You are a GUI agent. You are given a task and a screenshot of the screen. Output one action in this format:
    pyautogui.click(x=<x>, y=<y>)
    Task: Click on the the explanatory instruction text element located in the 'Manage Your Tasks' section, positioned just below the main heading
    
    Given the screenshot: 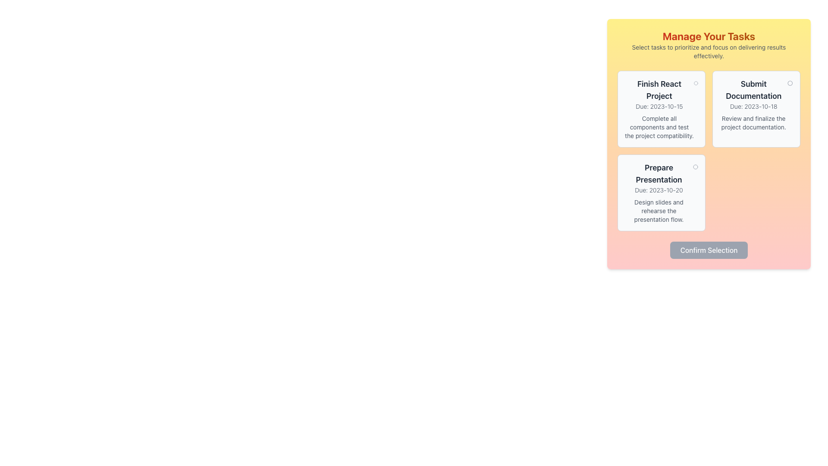 What is the action you would take?
    pyautogui.click(x=709, y=51)
    